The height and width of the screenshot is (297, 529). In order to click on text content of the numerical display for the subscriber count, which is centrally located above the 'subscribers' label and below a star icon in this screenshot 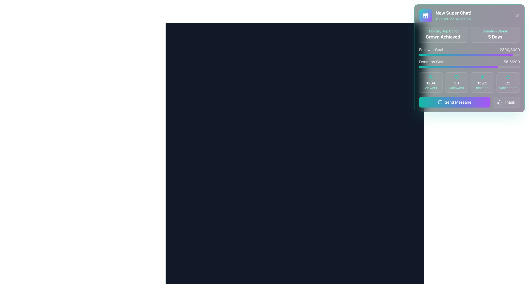, I will do `click(508, 83)`.